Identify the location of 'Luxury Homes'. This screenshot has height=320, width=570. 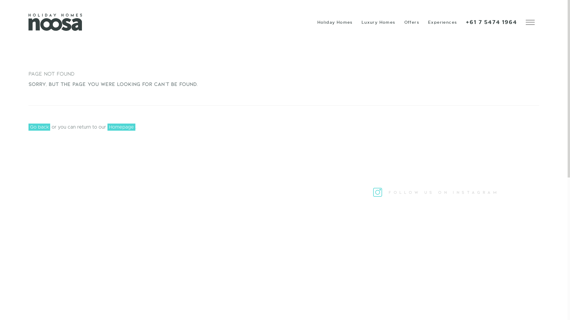
(378, 22).